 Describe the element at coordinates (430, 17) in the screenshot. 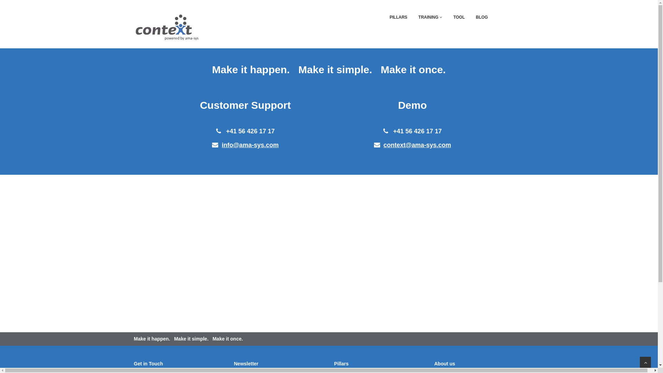

I see `'TRAINING'` at that location.